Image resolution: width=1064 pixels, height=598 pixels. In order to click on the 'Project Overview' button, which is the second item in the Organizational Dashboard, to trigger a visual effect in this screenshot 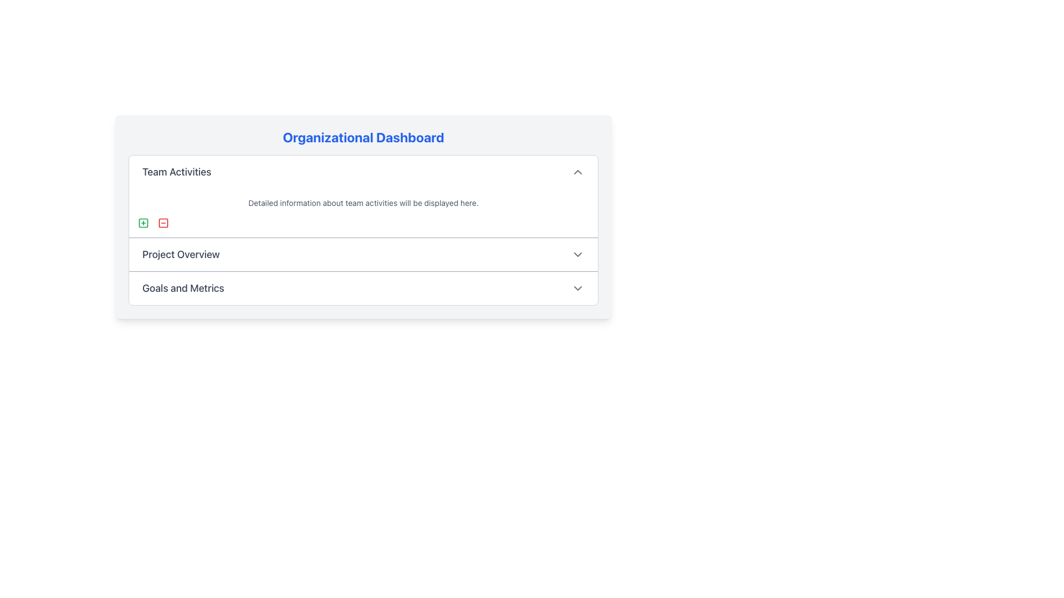, I will do `click(364, 254)`.